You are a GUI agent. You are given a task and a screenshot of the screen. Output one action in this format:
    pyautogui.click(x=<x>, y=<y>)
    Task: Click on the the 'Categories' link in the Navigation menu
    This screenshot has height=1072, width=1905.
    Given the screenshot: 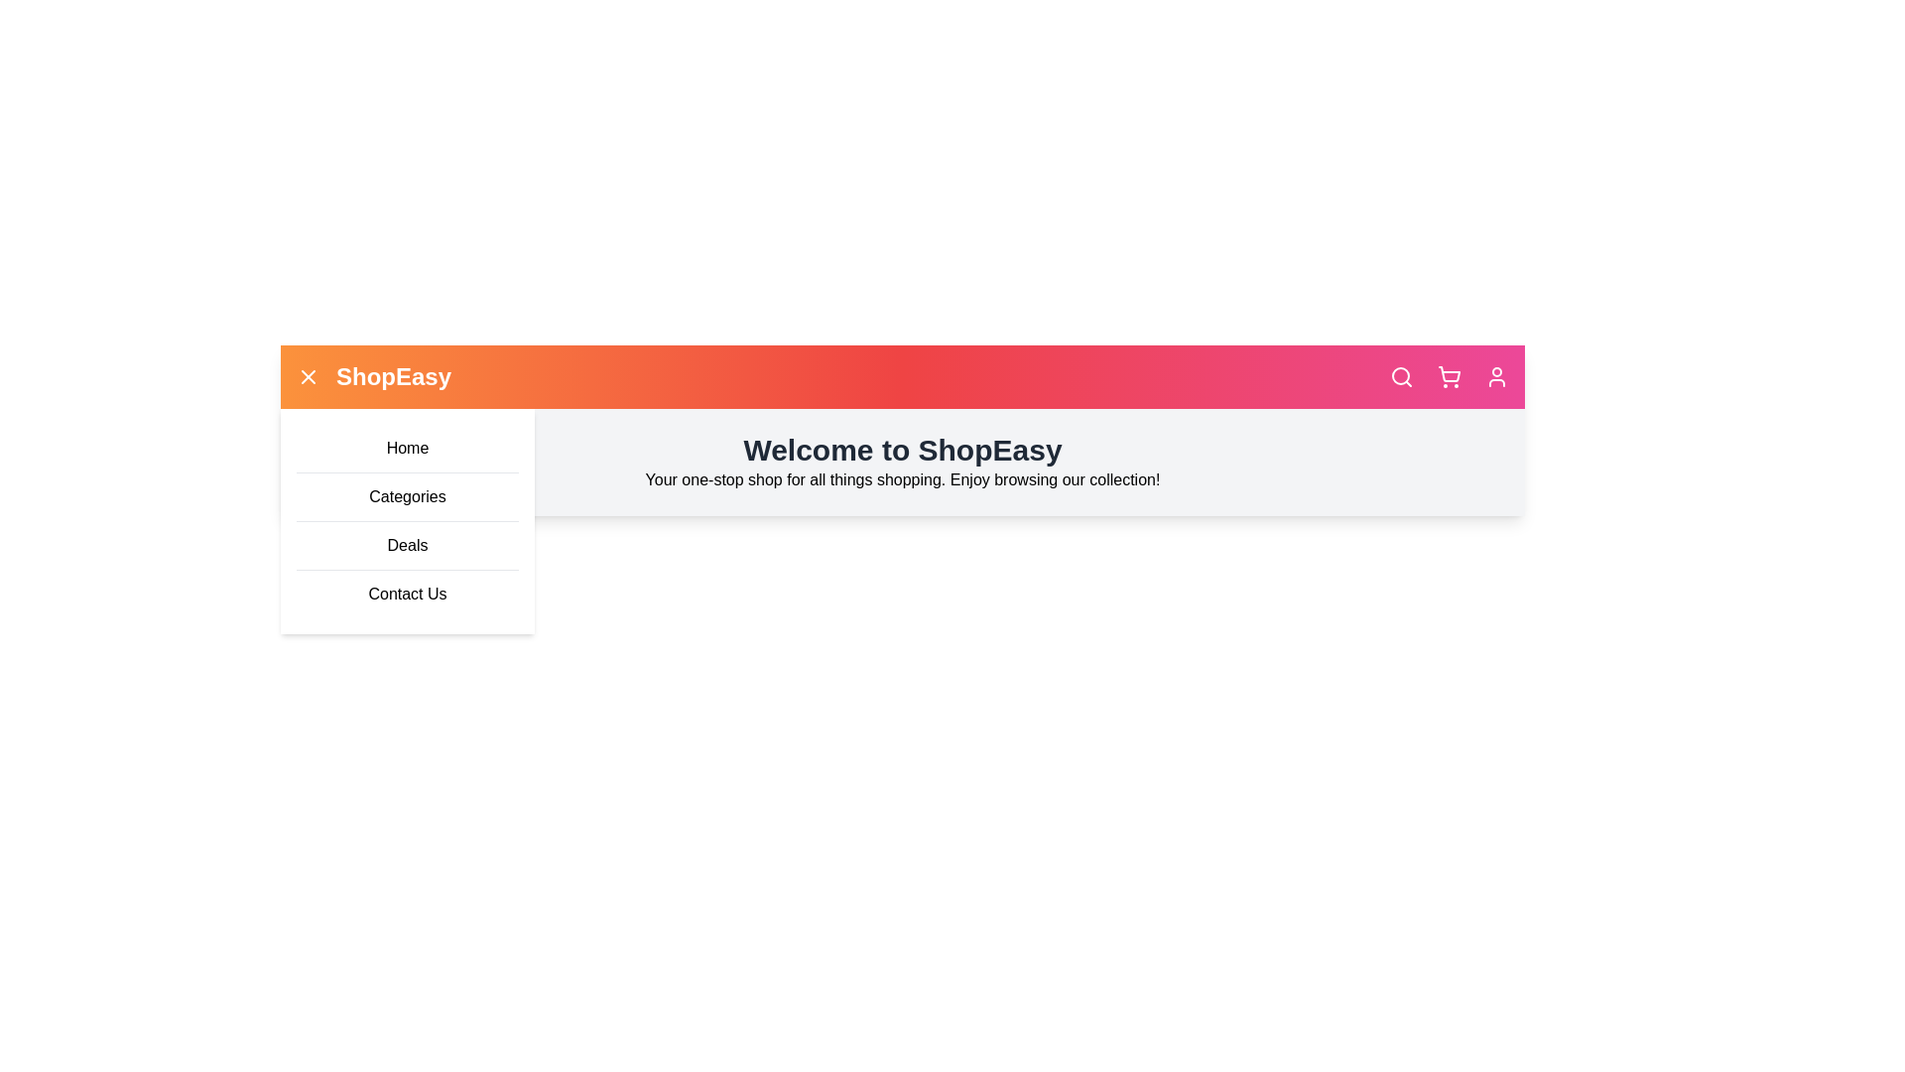 What is the action you would take?
    pyautogui.click(x=407, y=520)
    